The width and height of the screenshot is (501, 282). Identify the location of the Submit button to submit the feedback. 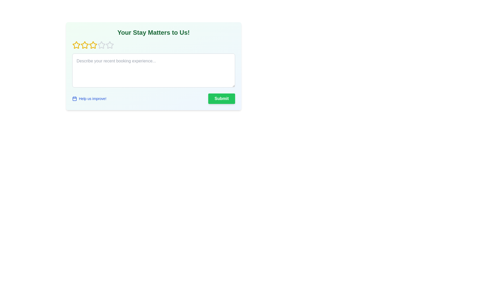
(222, 99).